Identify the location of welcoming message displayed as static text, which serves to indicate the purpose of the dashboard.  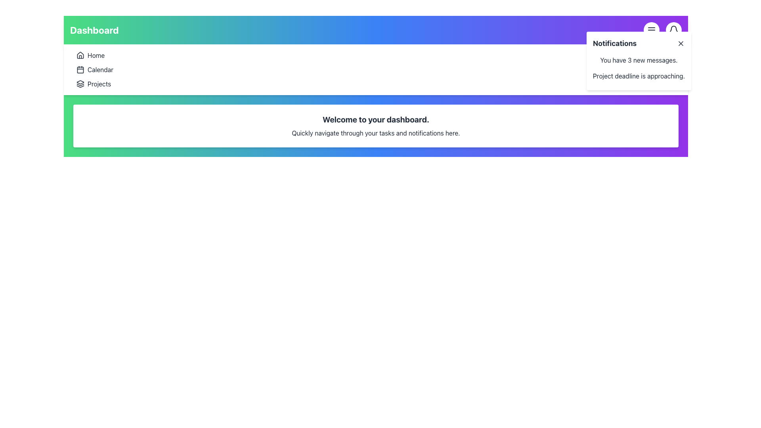
(375, 119).